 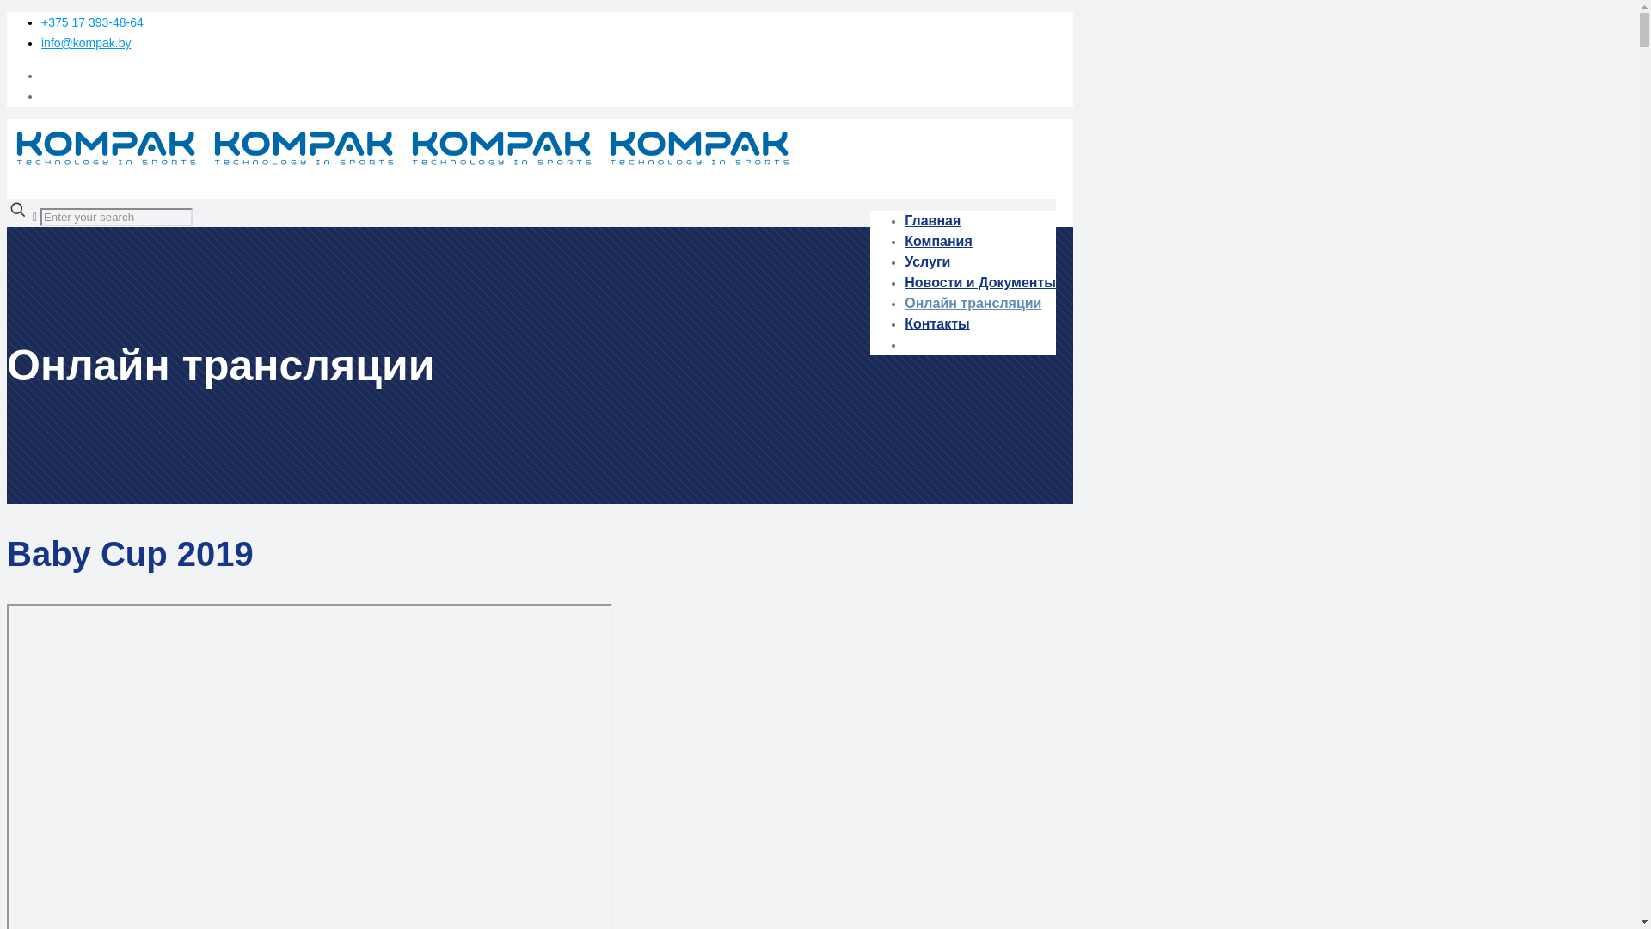 What do you see at coordinates (91, 22) in the screenshot?
I see `'+375 17 393-48-64'` at bounding box center [91, 22].